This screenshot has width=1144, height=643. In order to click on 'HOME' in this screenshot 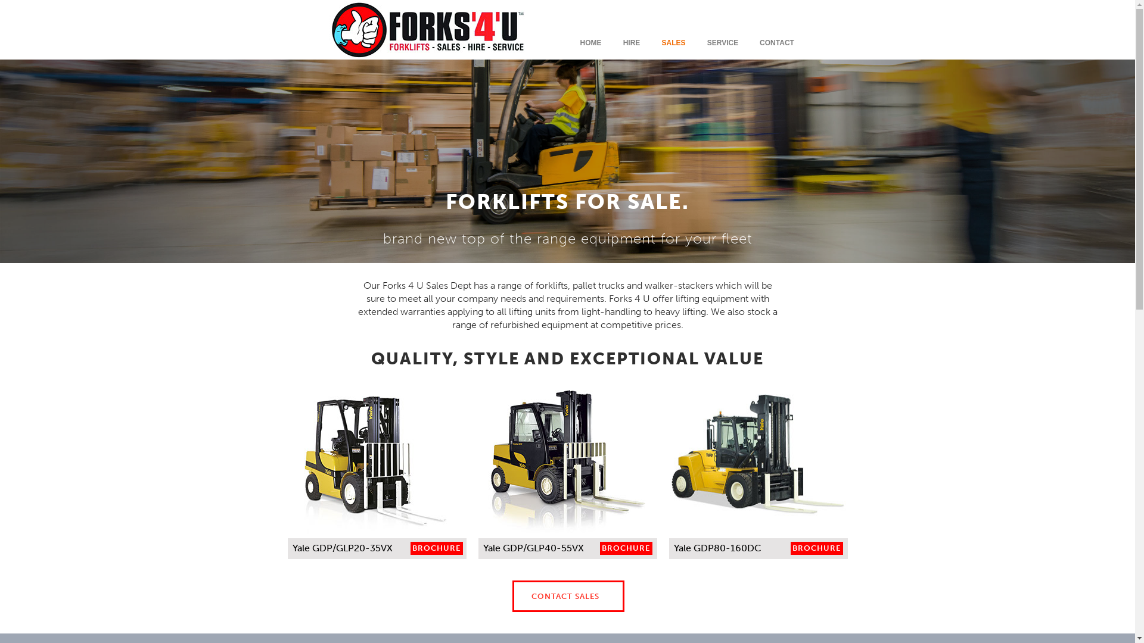, I will do `click(588, 42)`.